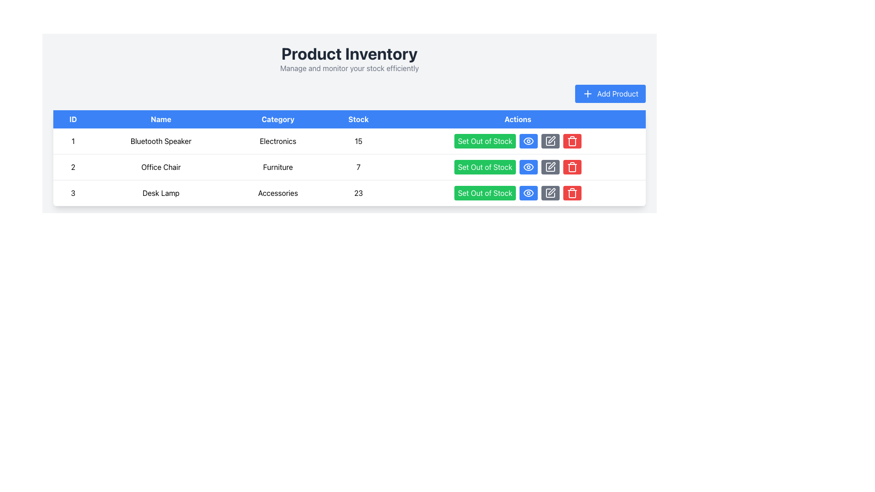 The image size is (875, 492). I want to click on the Text Label containing 'Bluetooth Speaker' in the second column of the first row of the table structure, so click(161, 141).